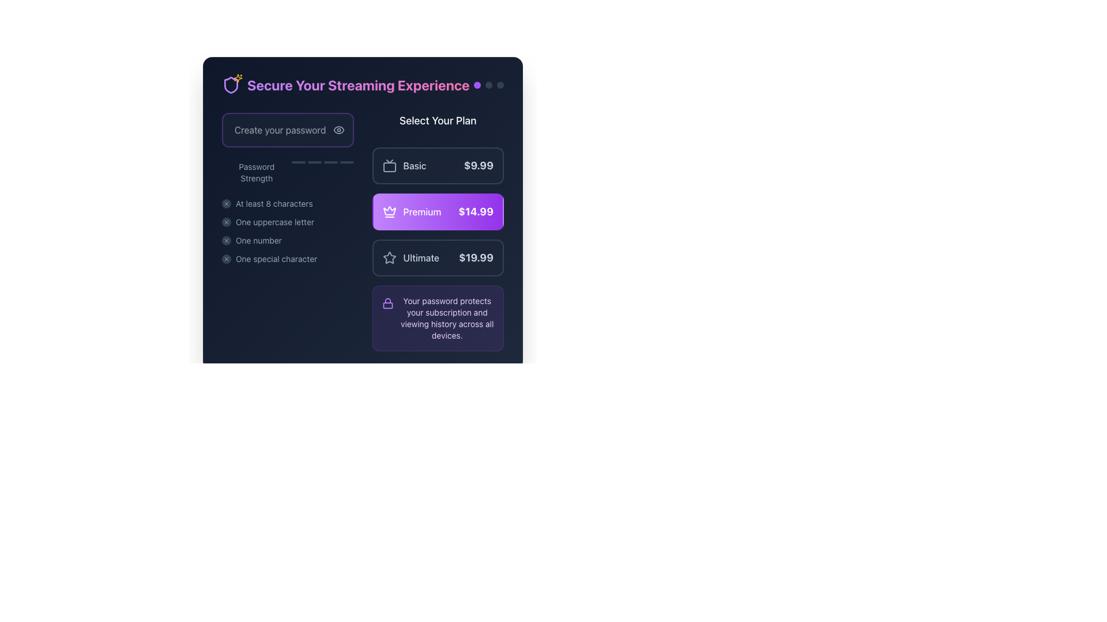 The width and height of the screenshot is (1107, 622). Describe the element at coordinates (437, 211) in the screenshot. I see `the 'Premium' subscription button, which features a purple-gradient background and displays the price of '$14.99' with an icon of a crown next to the word 'Premium'. This button is located vertically between the 'Basic' and 'Ultimate' subscription options` at that location.